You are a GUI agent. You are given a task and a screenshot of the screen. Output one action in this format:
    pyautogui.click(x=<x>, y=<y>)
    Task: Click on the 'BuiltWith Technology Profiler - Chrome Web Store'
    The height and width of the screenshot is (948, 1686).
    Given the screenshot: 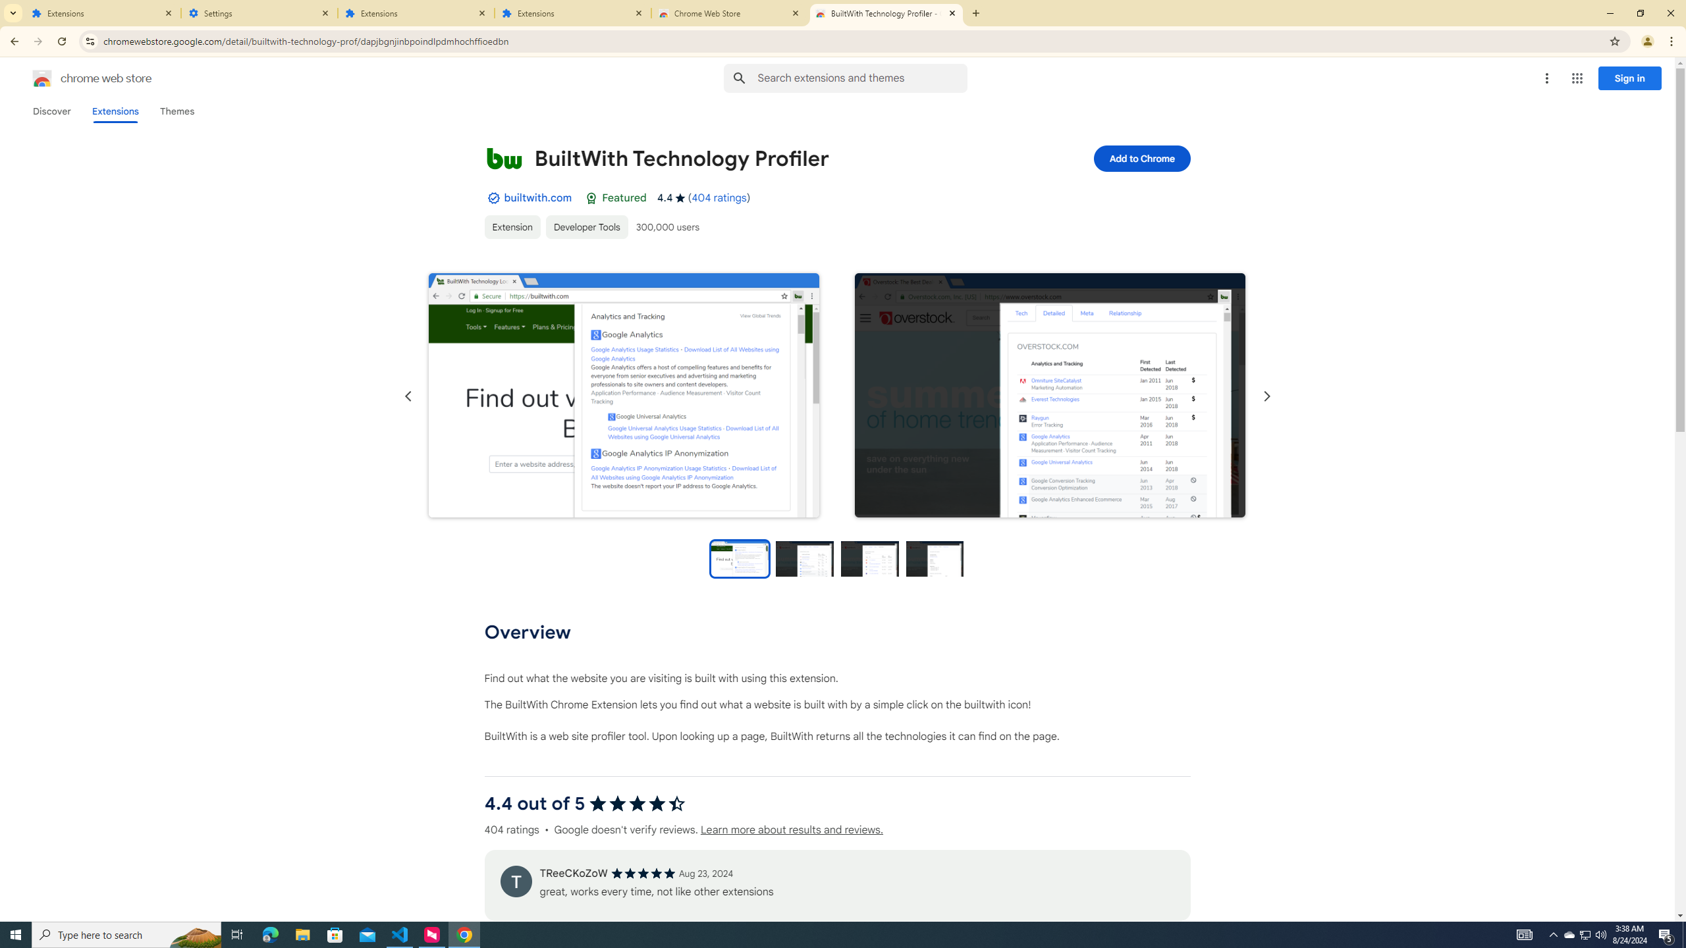 What is the action you would take?
    pyautogui.click(x=886, y=13)
    